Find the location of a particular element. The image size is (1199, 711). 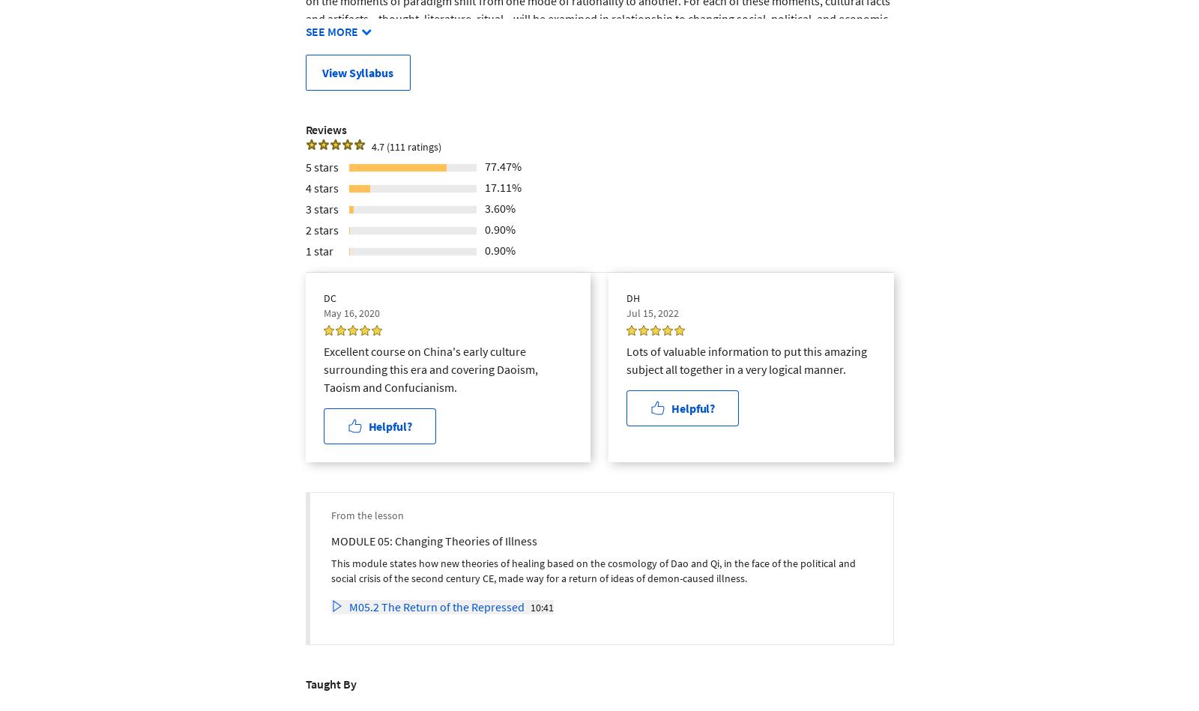

'Jul 15, 2022' is located at coordinates (652, 312).